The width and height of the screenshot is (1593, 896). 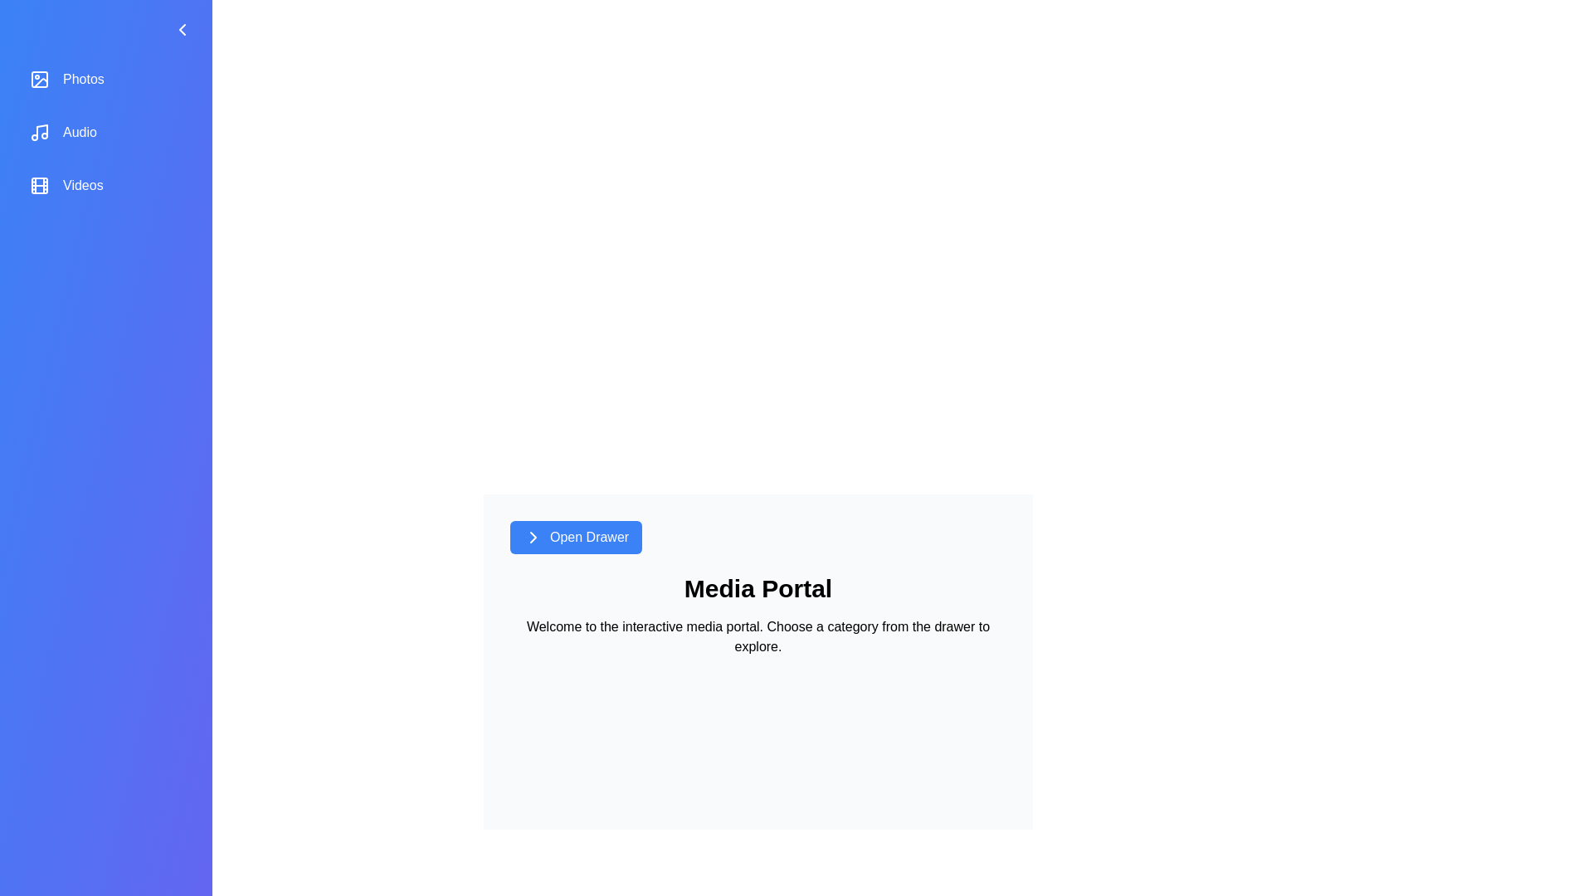 I want to click on the 'Open Drawer' button to toggle the drawer's state, so click(x=576, y=538).